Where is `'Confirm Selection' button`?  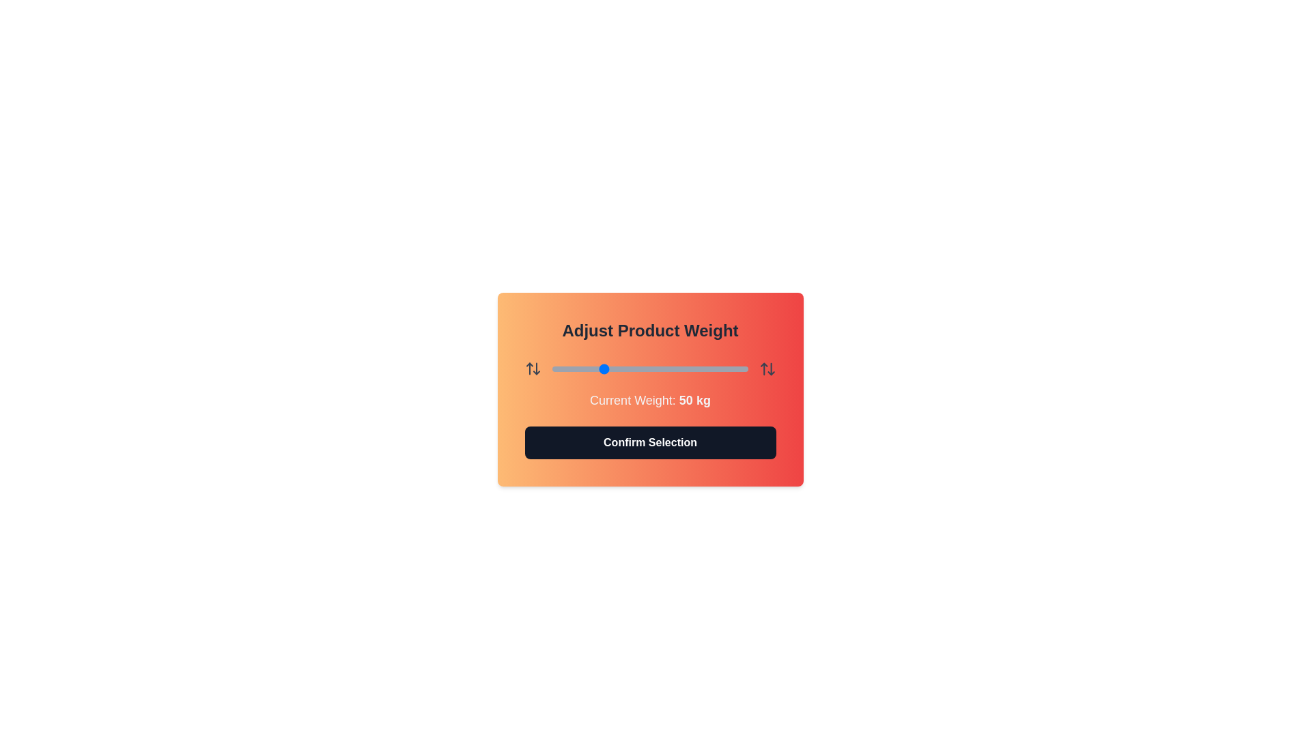 'Confirm Selection' button is located at coordinates (649, 442).